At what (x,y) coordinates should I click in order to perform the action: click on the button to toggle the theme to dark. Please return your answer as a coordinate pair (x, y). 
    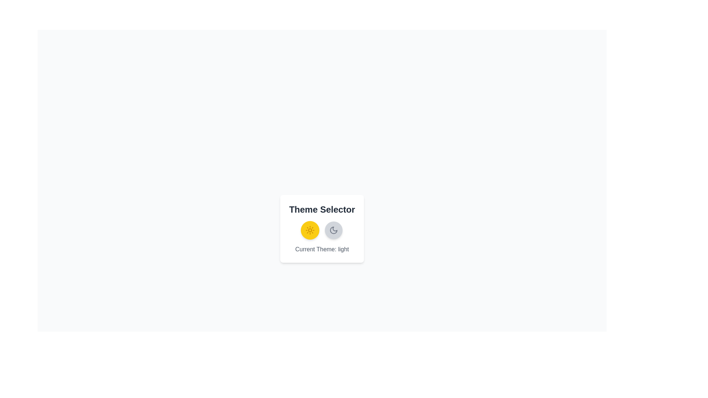
    Looking at the image, I should click on (333, 230).